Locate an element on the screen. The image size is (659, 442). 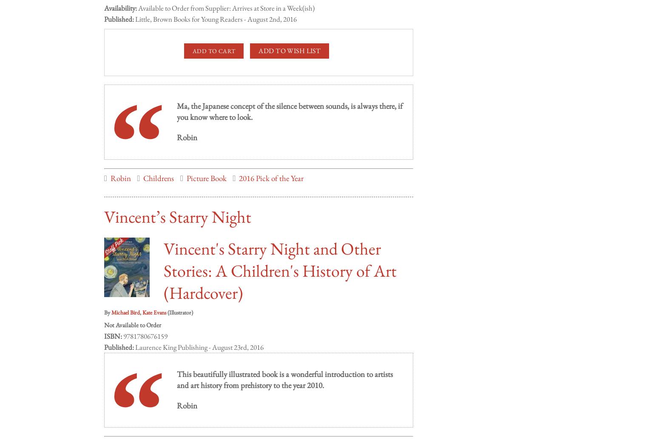
'Picture Book' is located at coordinates (205, 170).